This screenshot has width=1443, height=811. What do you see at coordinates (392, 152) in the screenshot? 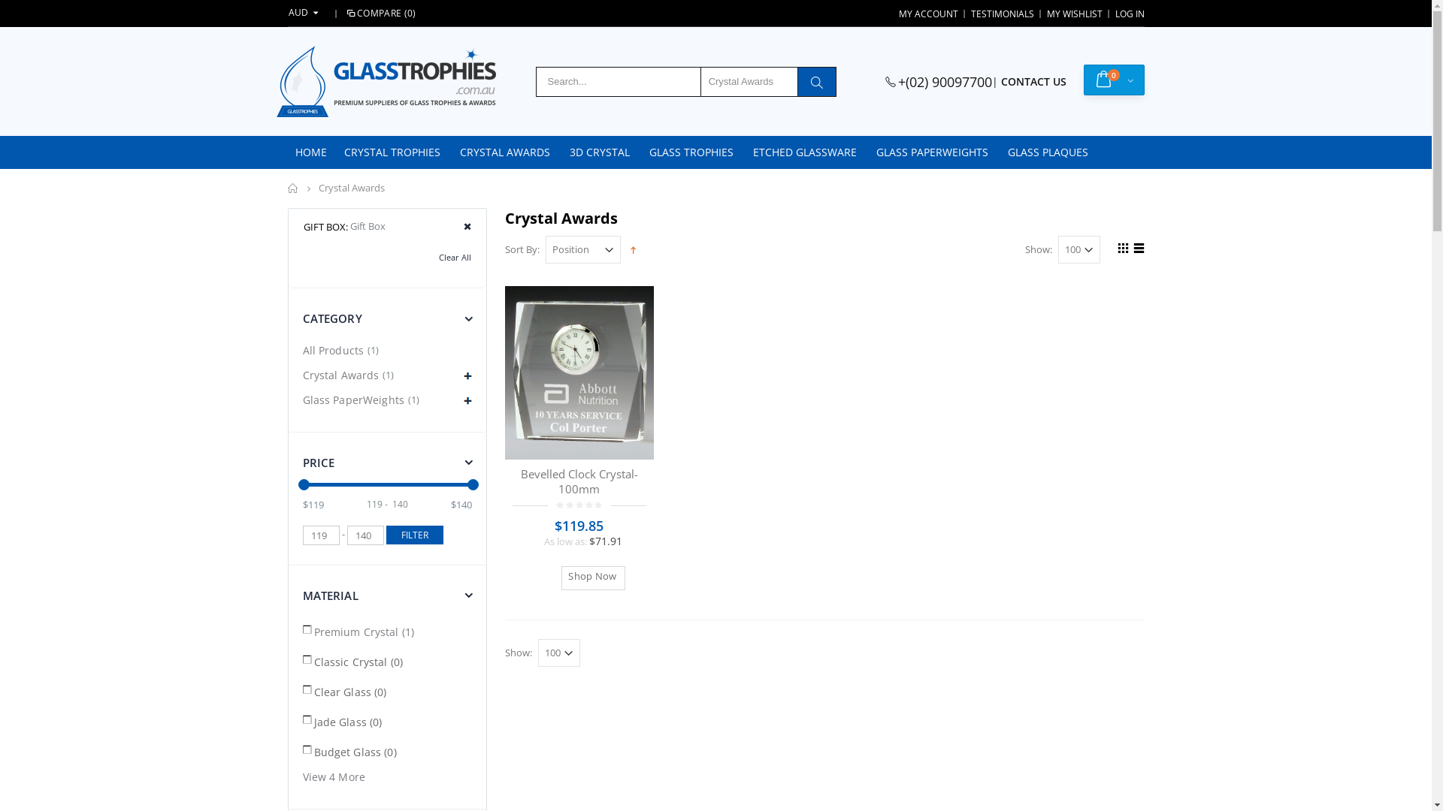
I see `'CRYSTAL TROPHIES'` at bounding box center [392, 152].